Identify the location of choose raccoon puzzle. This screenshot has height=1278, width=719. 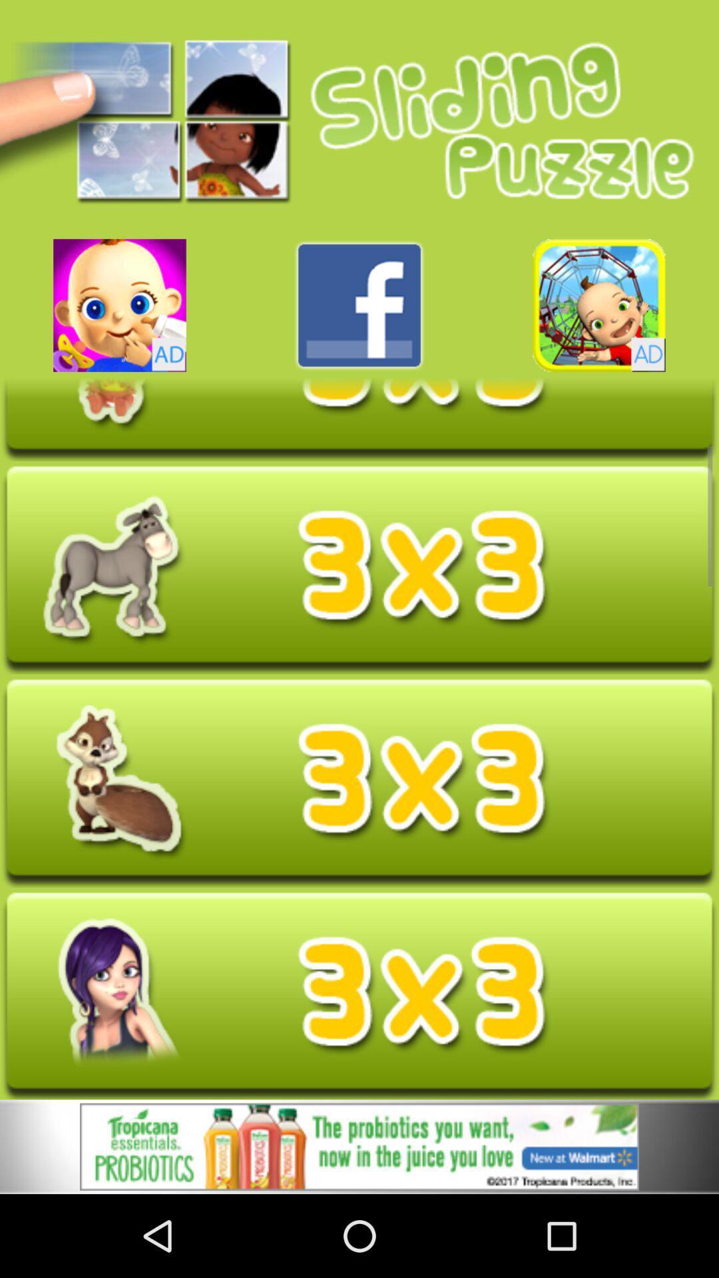
(359, 783).